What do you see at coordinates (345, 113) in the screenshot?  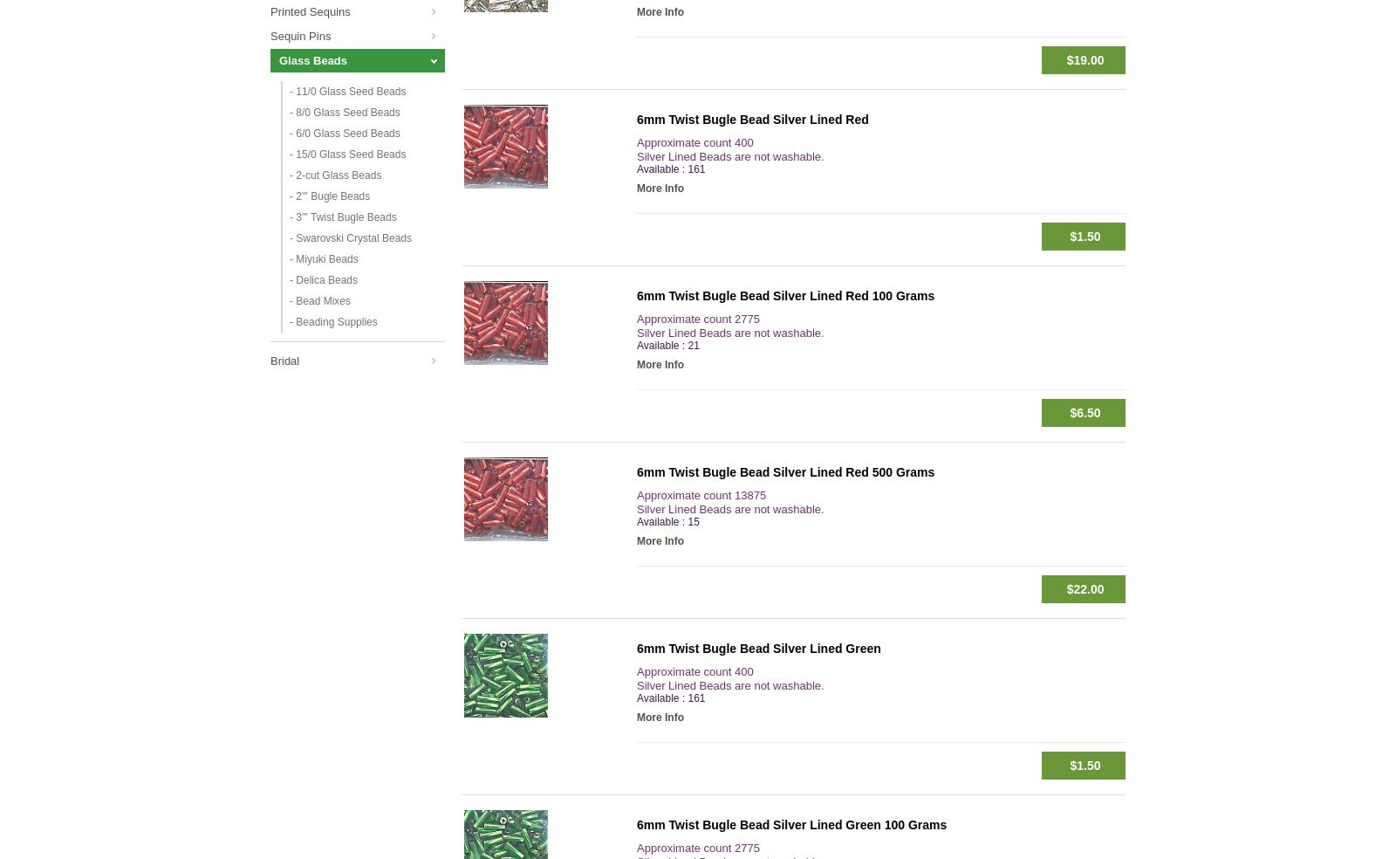 I see `'- 8/0 Glass Seed Beads'` at bounding box center [345, 113].